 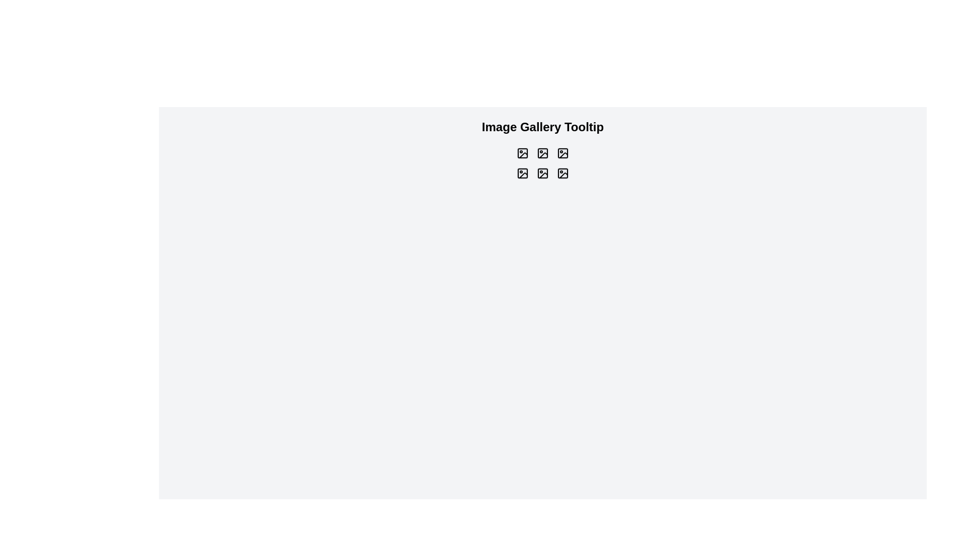 I want to click on the indicator icon for a non-functional or missing component located in the lower-left corner of the 'Image Gallery Tooltip', which is the leftmost icon in the bottom row, so click(x=523, y=175).